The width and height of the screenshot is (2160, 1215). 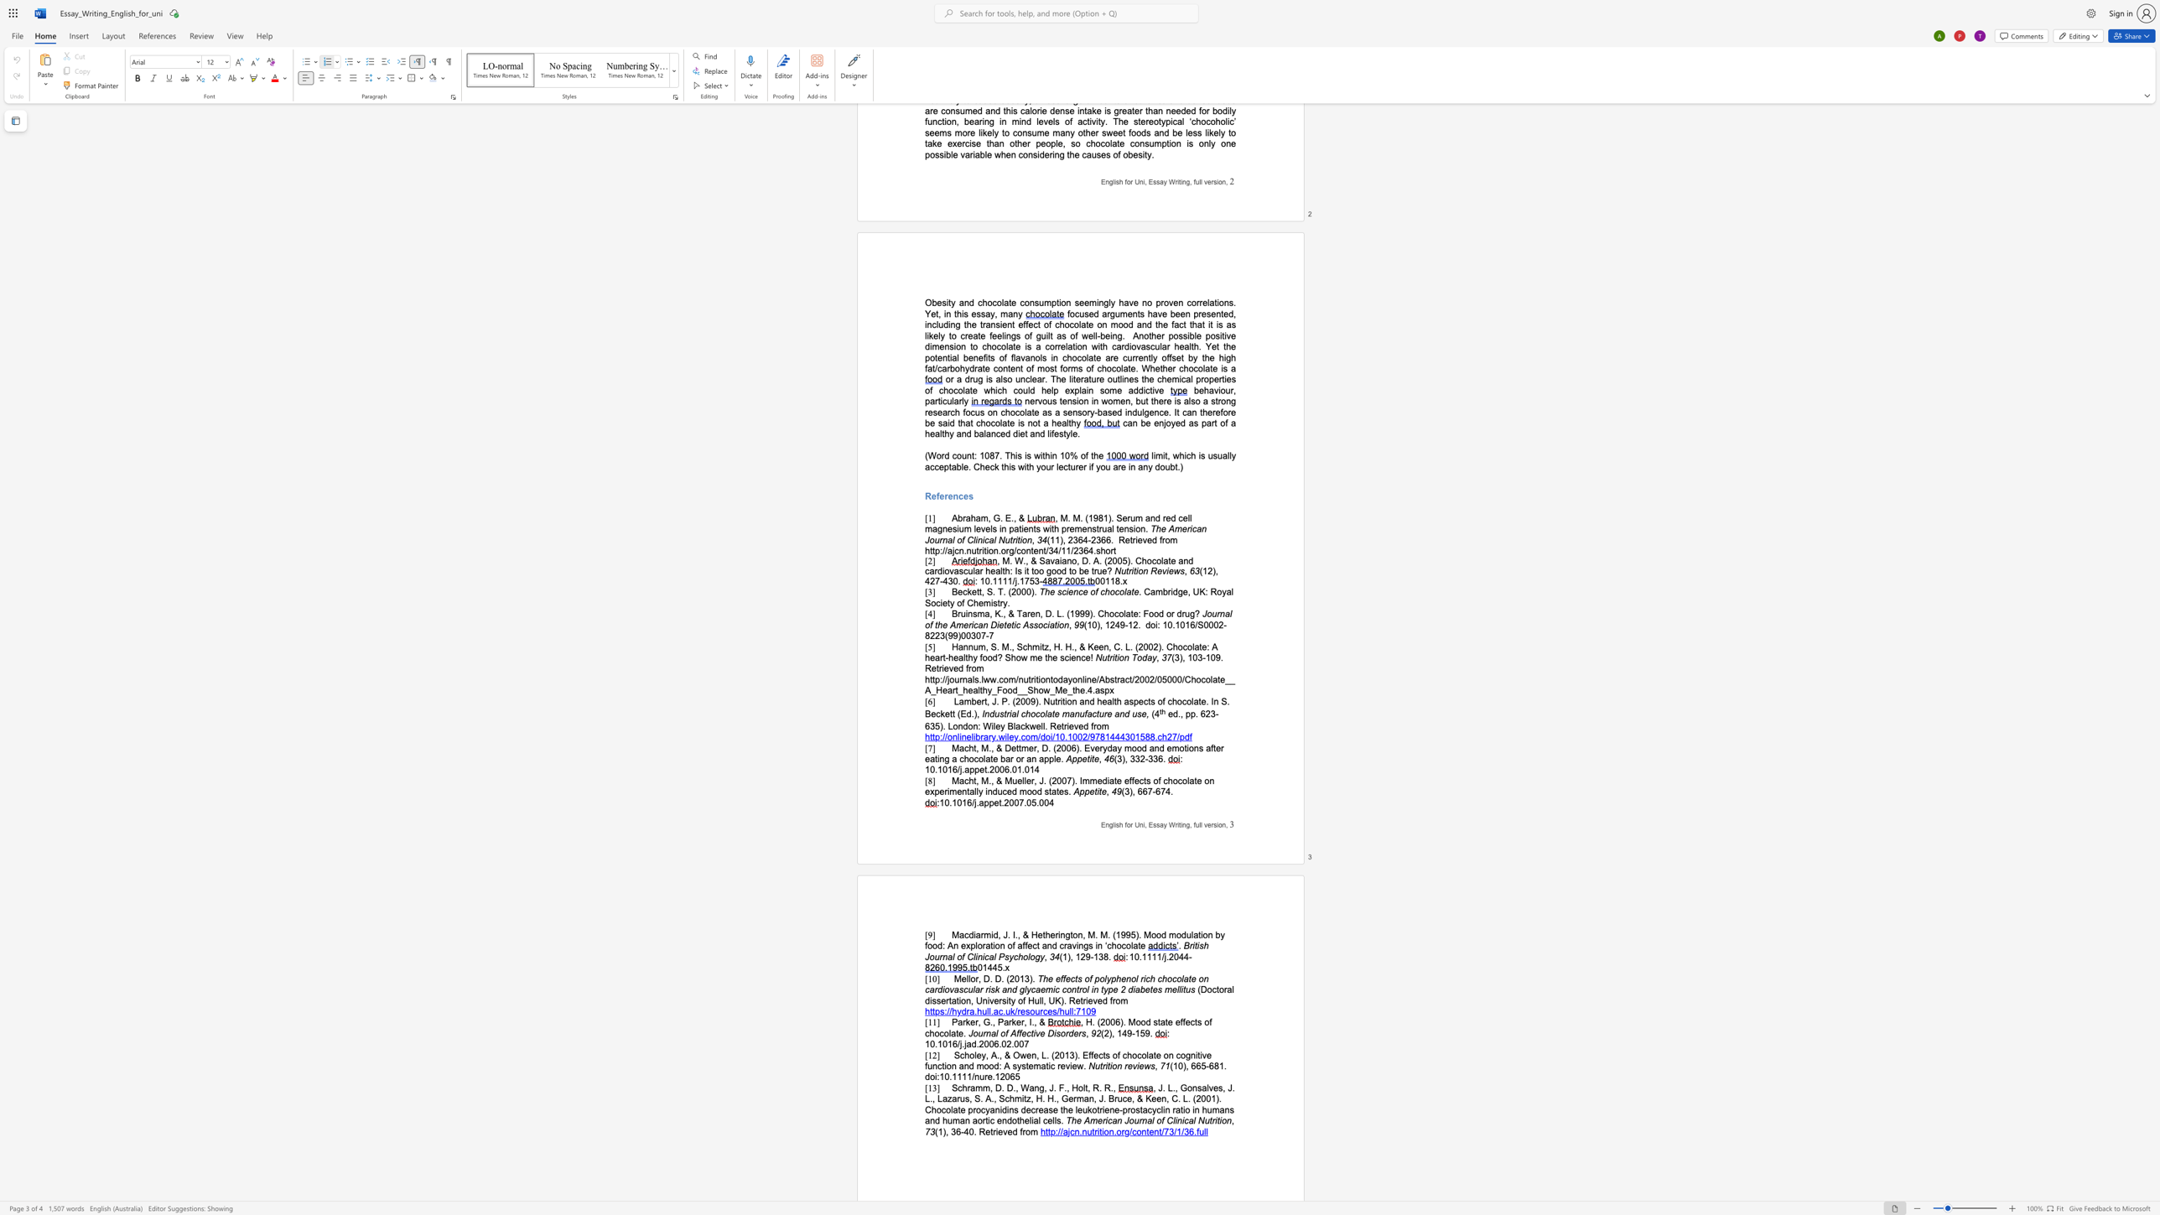 What do you see at coordinates (1054, 714) in the screenshot?
I see `the space between the continuous character "t" and "e" in the text` at bounding box center [1054, 714].